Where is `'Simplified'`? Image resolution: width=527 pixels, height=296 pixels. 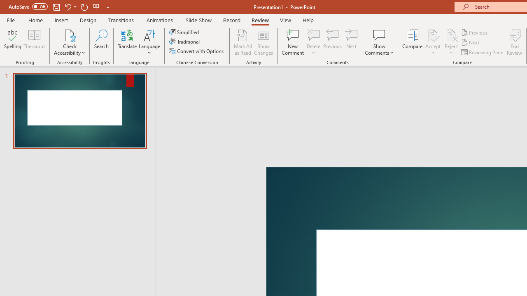
'Simplified' is located at coordinates (184, 32).